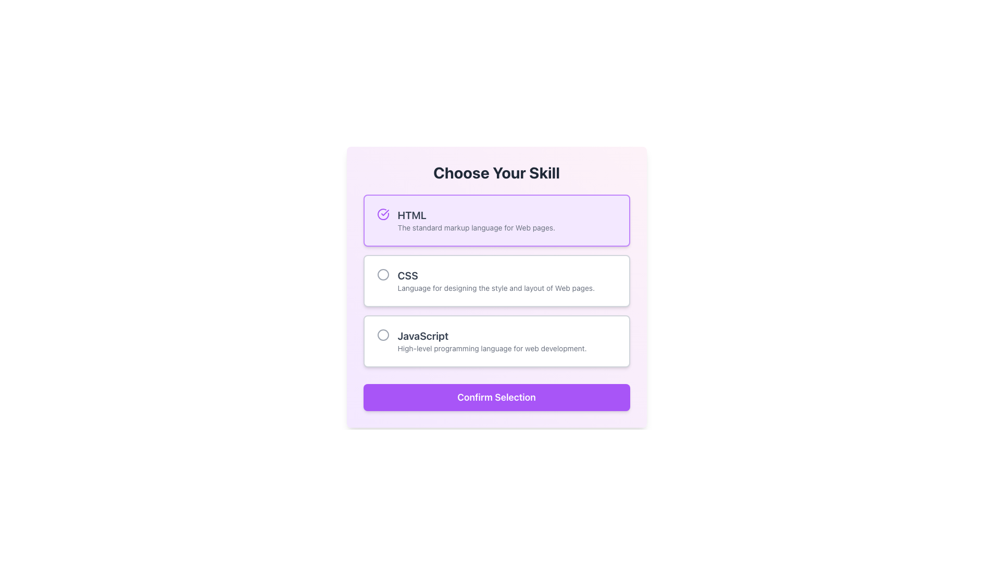 The width and height of the screenshot is (1000, 562). I want to click on the text label that reads 'High-level programming language for web development.' located directly underneath the 'JavaScript' header in the corresponding selection card, so click(492, 349).